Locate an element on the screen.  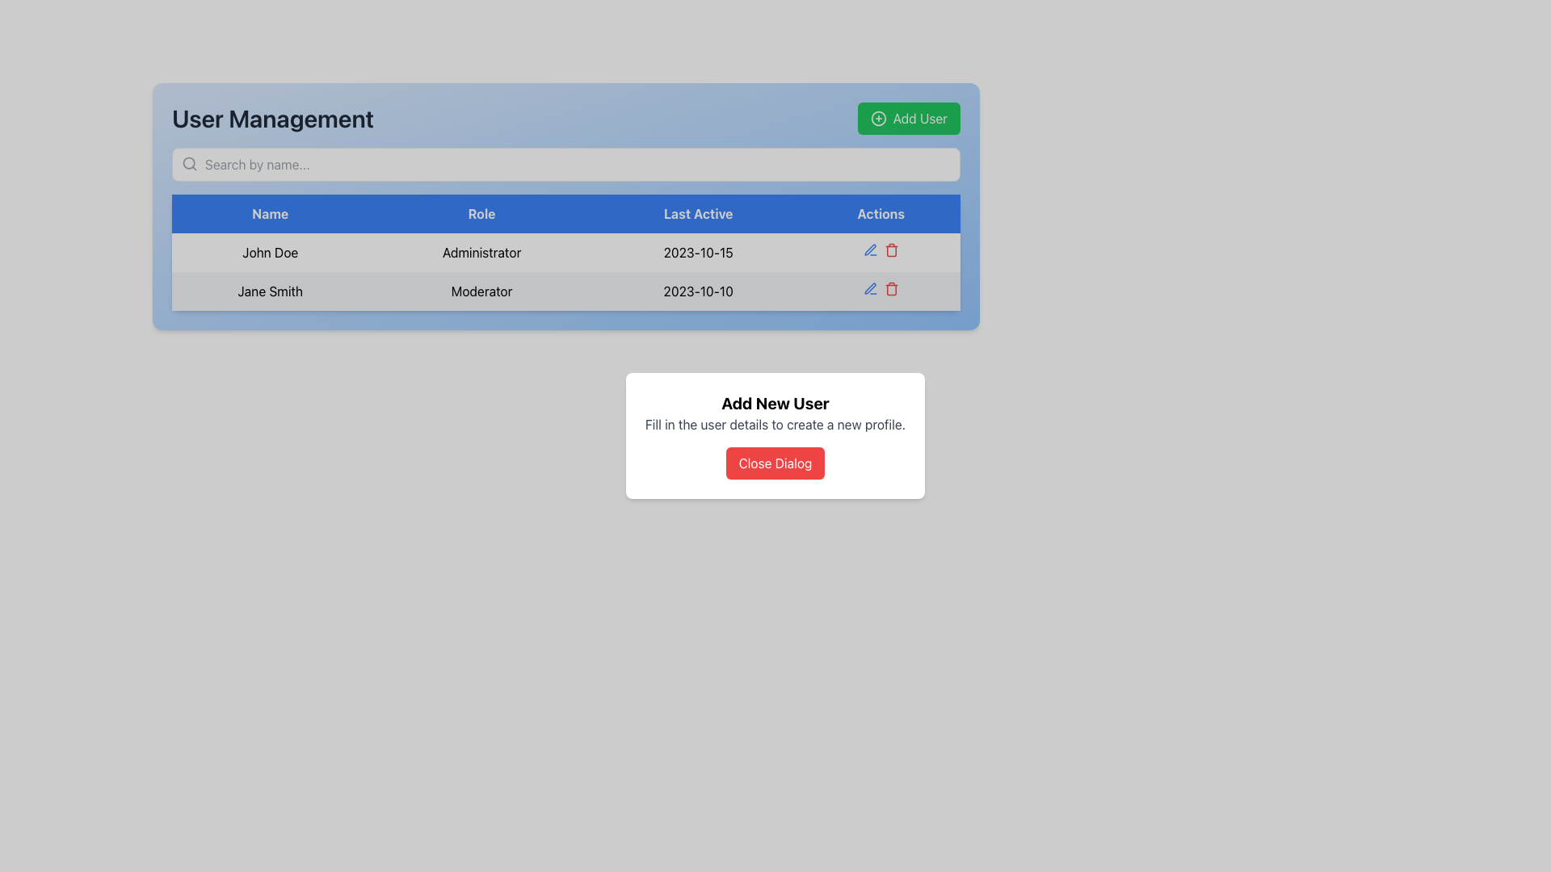
the plus icon within the 'Add User' button located at the top-right corner of the user management panel is located at coordinates (877, 117).